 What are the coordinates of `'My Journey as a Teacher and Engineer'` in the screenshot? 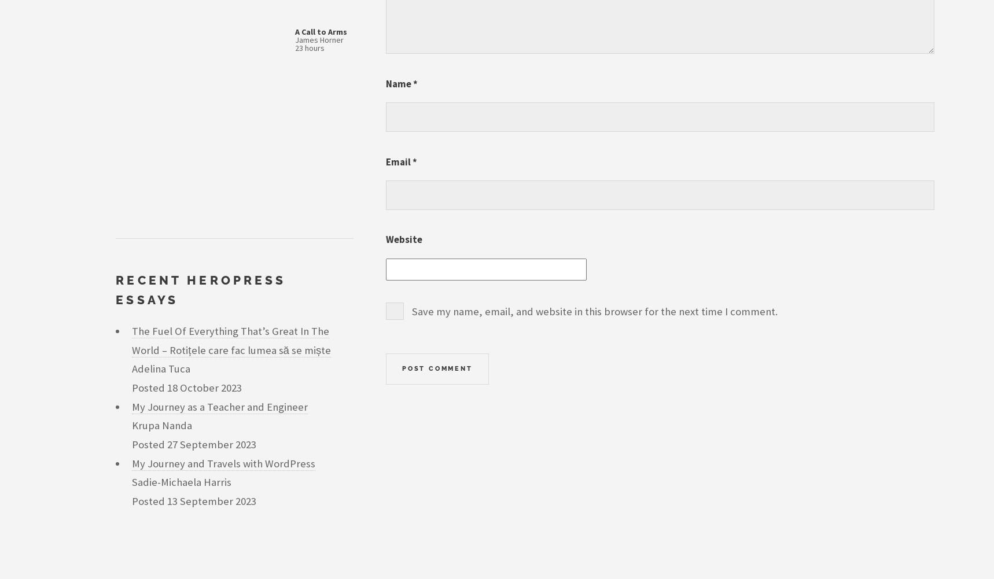 It's located at (219, 405).